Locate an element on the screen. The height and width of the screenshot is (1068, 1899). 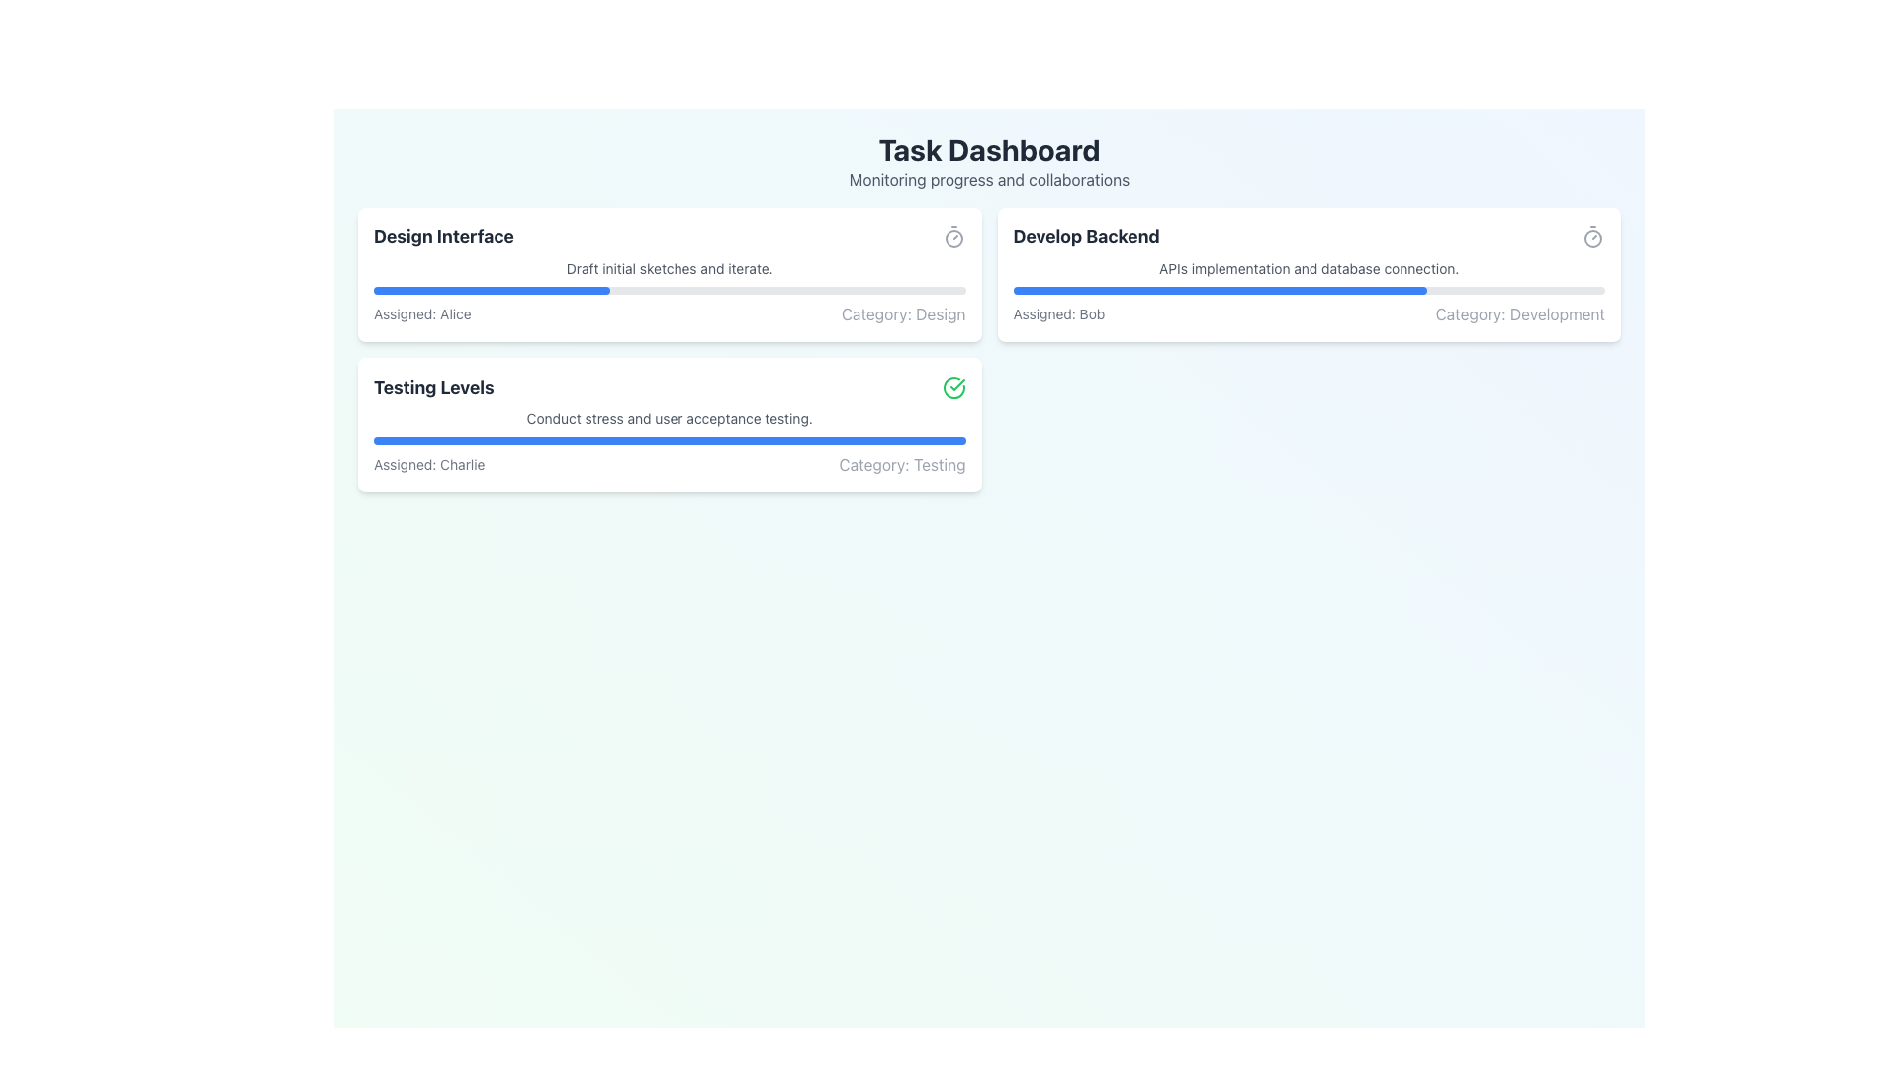
the informational label indicating the person assigned to the task located in the bottom-left section of the 'Testing Levels' task card is located at coordinates (428, 465).